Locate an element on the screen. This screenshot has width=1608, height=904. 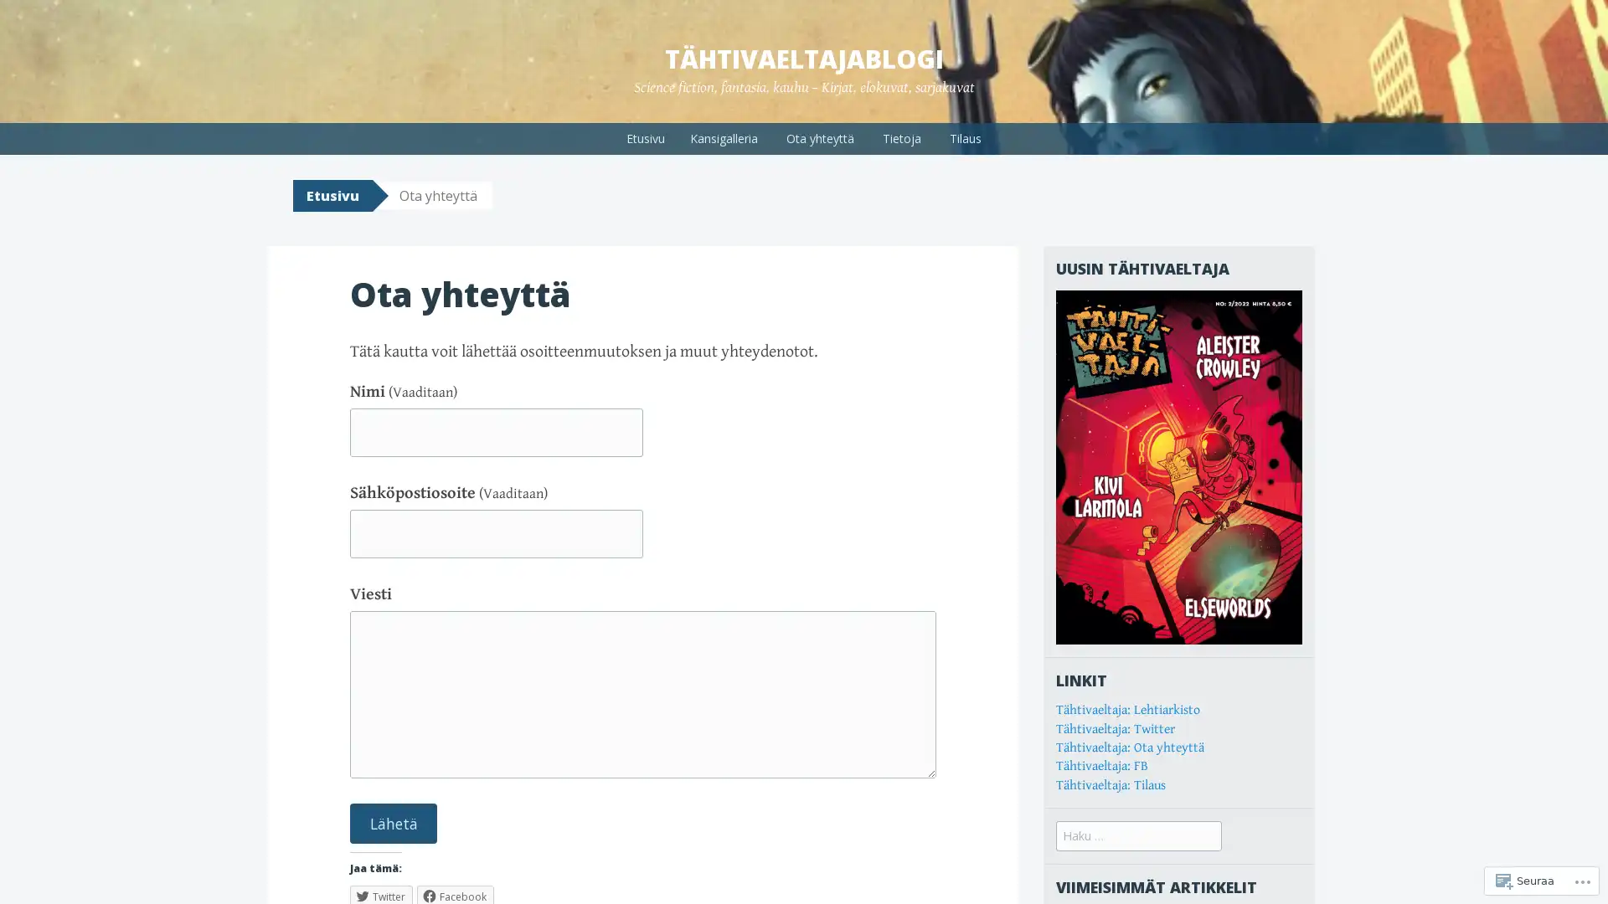
Laheta is located at coordinates (393, 822).